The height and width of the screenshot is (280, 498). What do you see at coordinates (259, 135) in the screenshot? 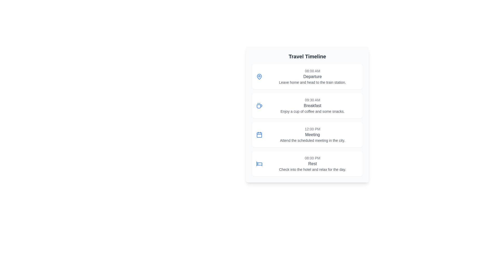
I see `the blue minimalistic line-art calendar icon located next to the '12:00 PM Meeting' text description` at bounding box center [259, 135].